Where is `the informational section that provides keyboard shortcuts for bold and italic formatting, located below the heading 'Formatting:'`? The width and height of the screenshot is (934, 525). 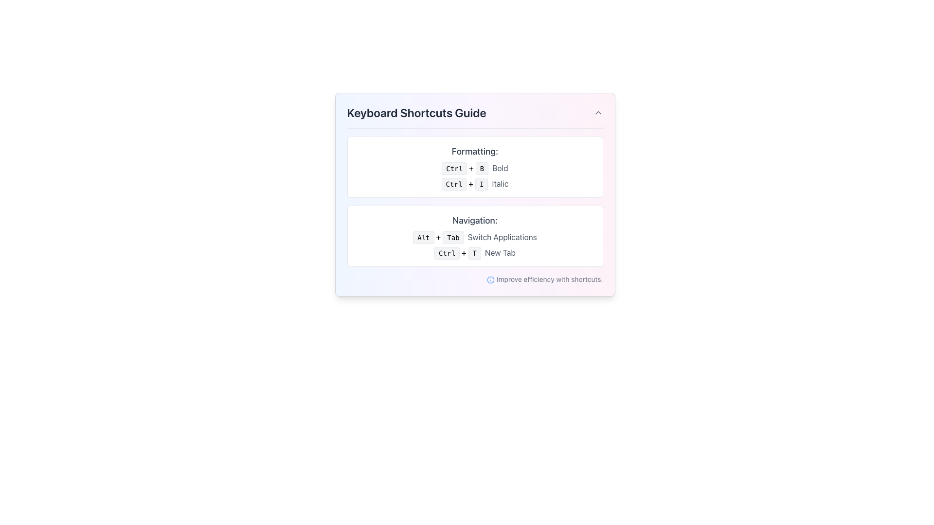
the informational section that provides keyboard shortcuts for bold and italic formatting, located below the heading 'Formatting:' is located at coordinates (475, 176).